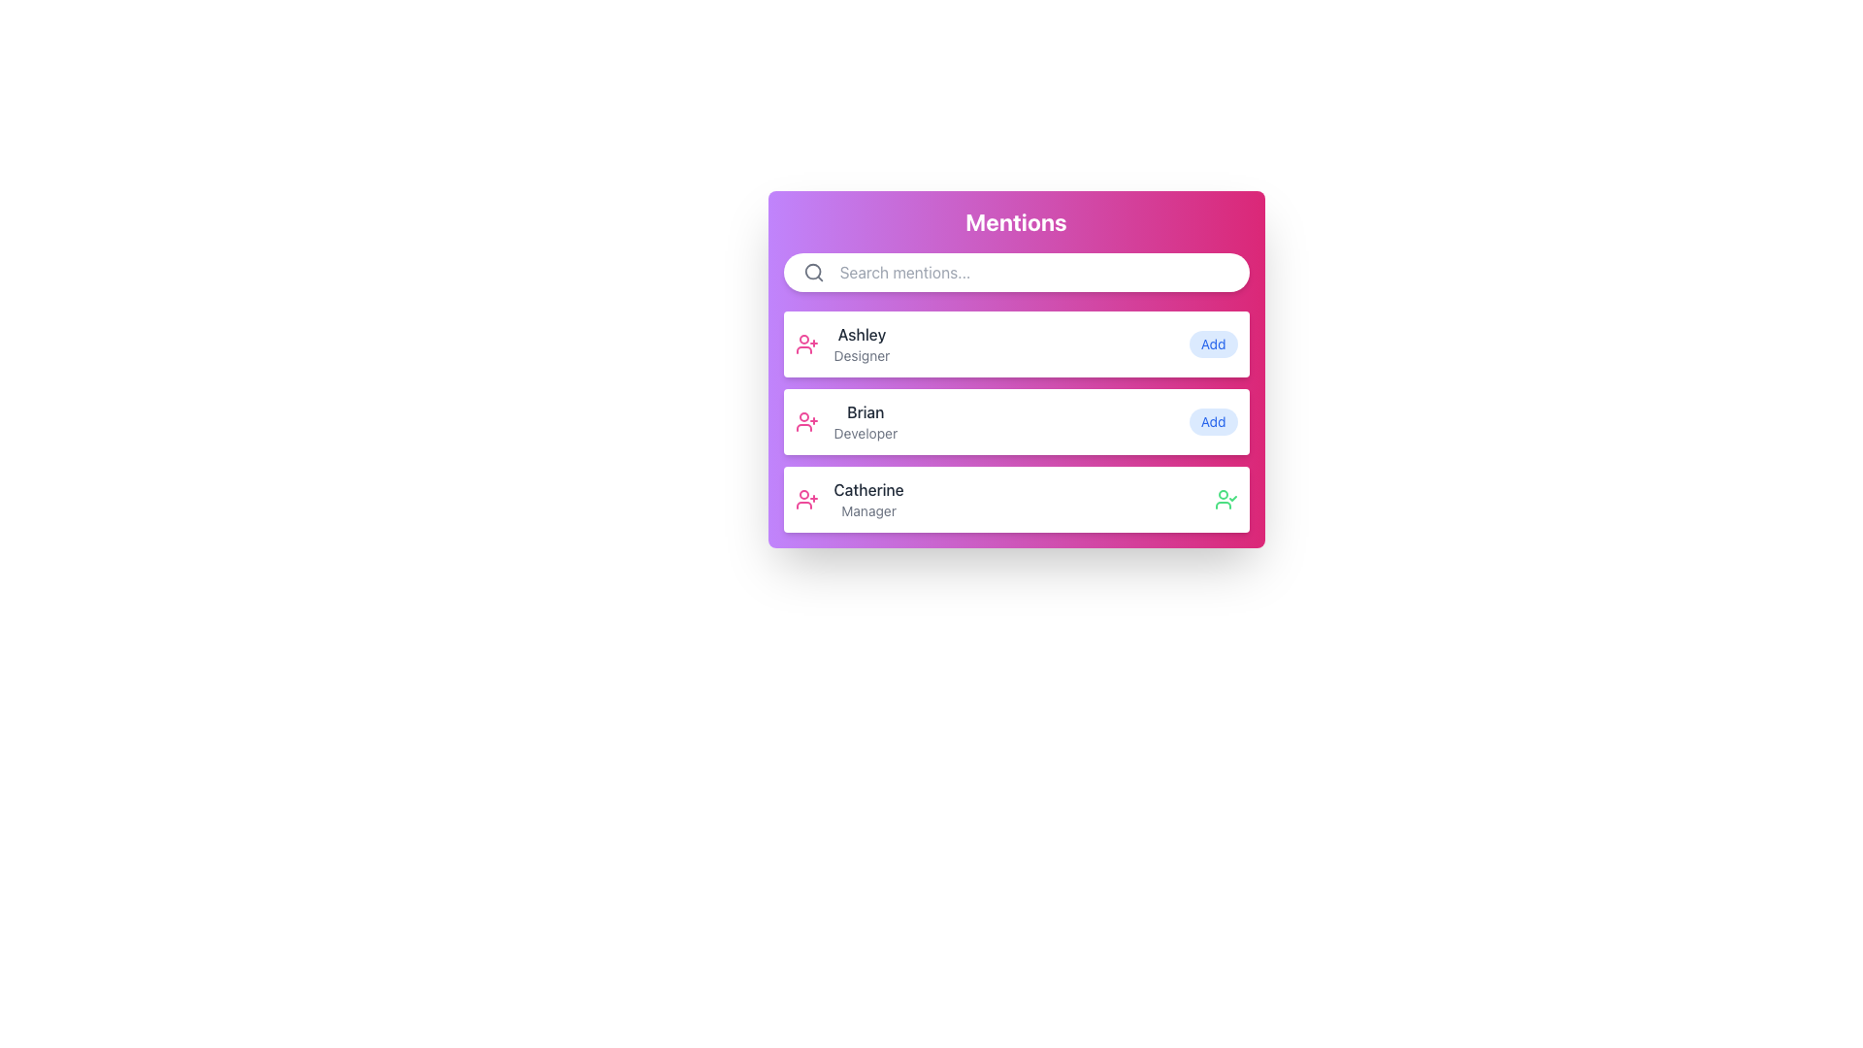 The width and height of the screenshot is (1863, 1048). Describe the element at coordinates (865, 433) in the screenshot. I see `the text label displaying the word 'Developer', which is styled in a smaller font size and light gray color, located below the name 'Brian' in the second user profile` at that location.